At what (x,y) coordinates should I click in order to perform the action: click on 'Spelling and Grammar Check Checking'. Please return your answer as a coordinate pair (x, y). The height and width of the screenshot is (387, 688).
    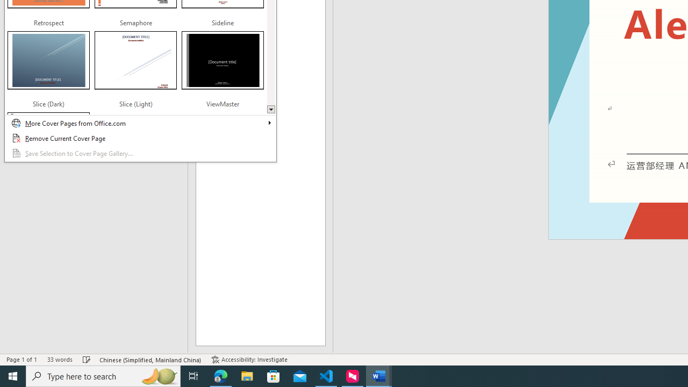
    Looking at the image, I should click on (87, 360).